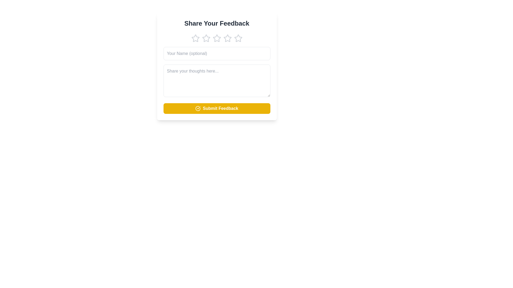 The height and width of the screenshot is (288, 513). I want to click on the circular icon with a checkmark inside, which is part of the 'Submit Feedback' button, located to the left of the text label, so click(198, 108).